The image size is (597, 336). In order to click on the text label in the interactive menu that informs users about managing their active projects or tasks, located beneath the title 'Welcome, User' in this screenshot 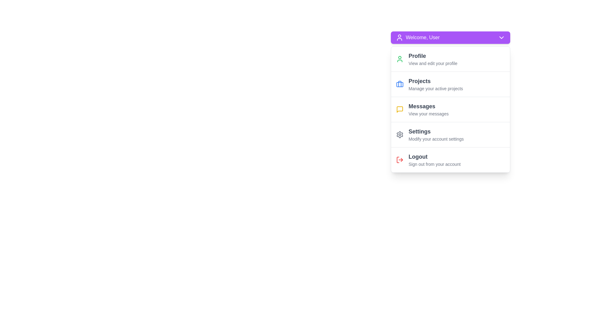, I will do `click(435, 84)`.